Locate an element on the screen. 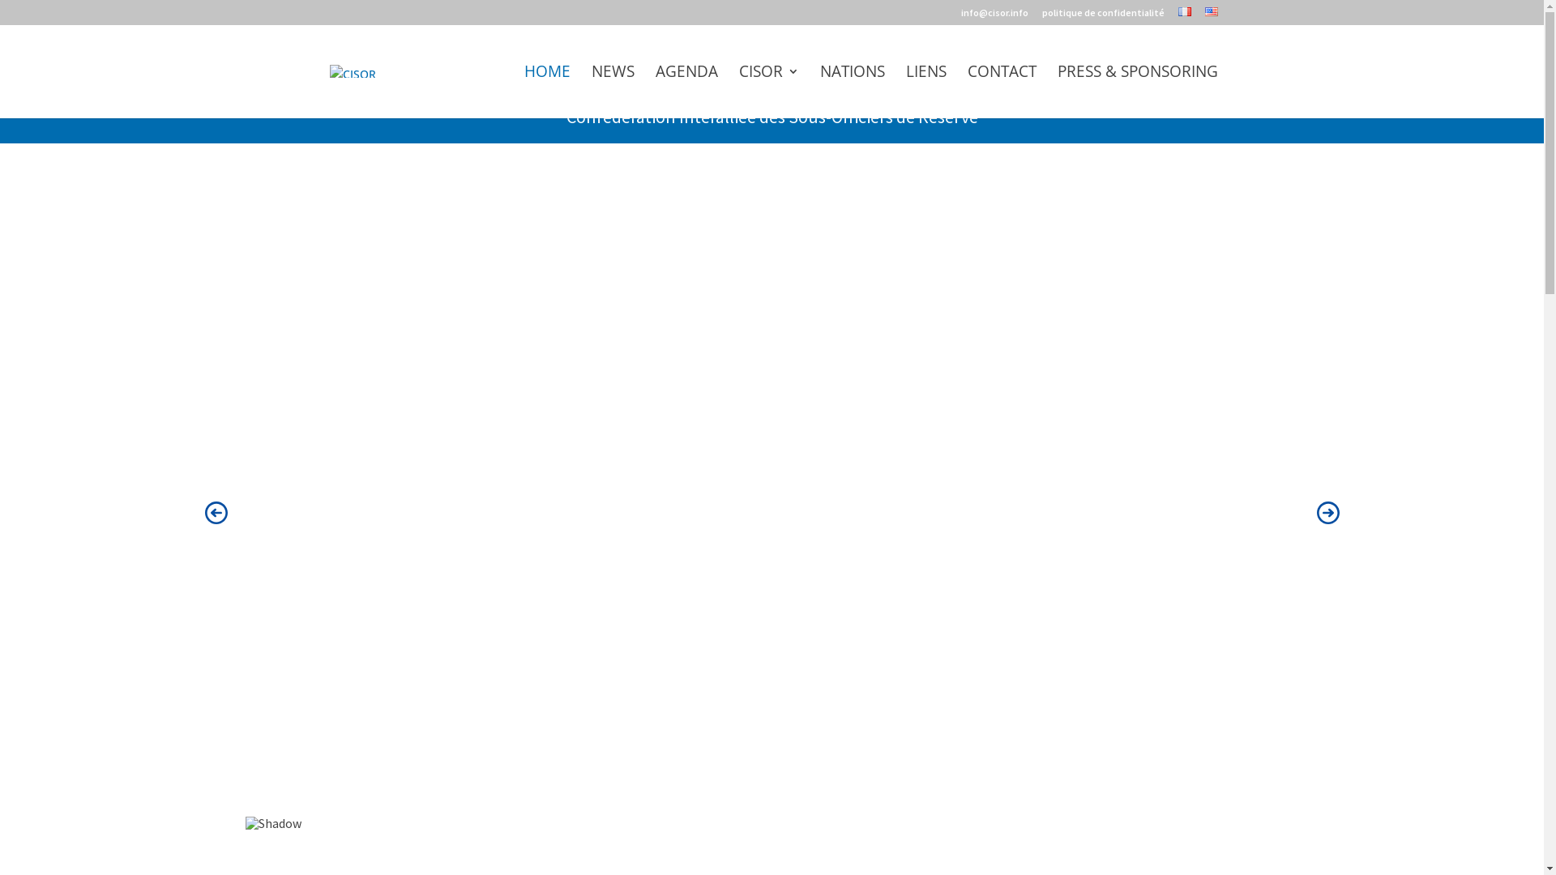  'LIENS' is located at coordinates (905, 92).